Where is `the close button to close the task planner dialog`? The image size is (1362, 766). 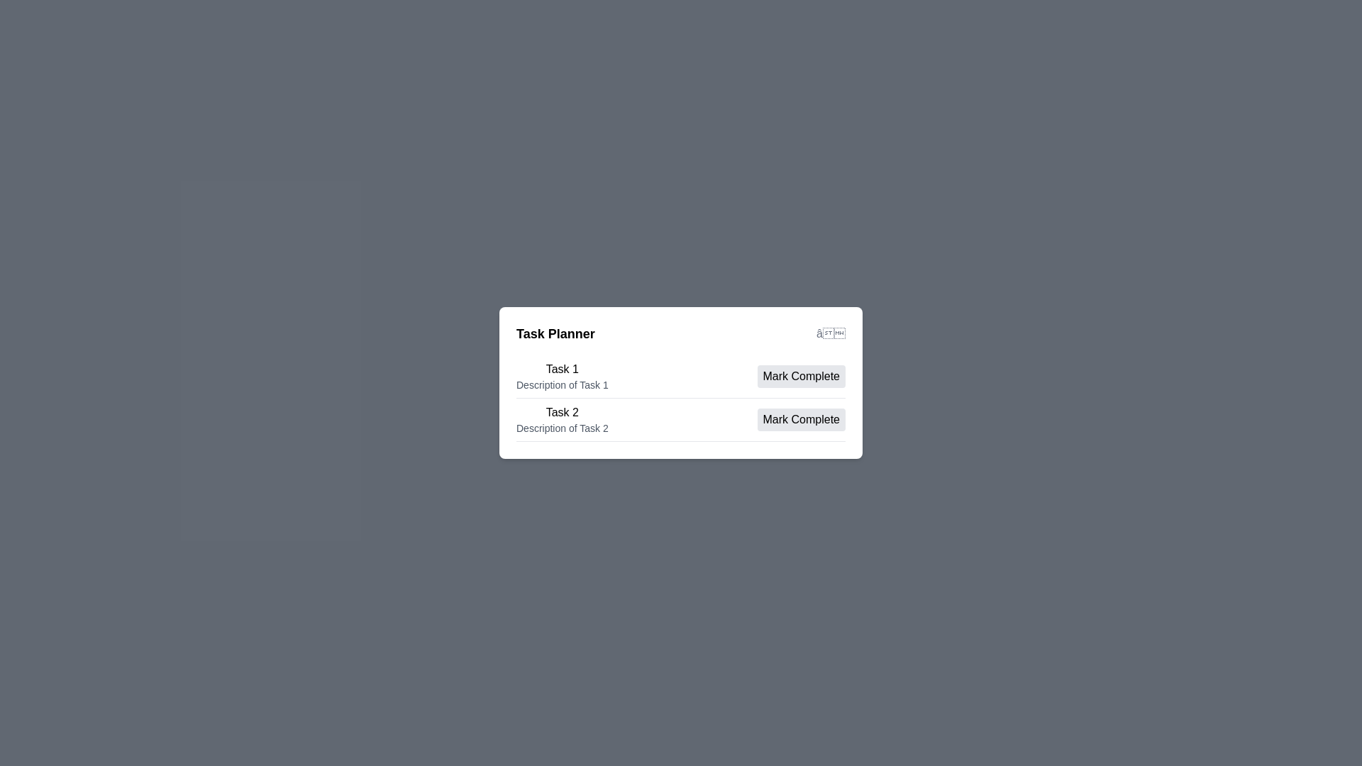
the close button to close the task planner dialog is located at coordinates (831, 333).